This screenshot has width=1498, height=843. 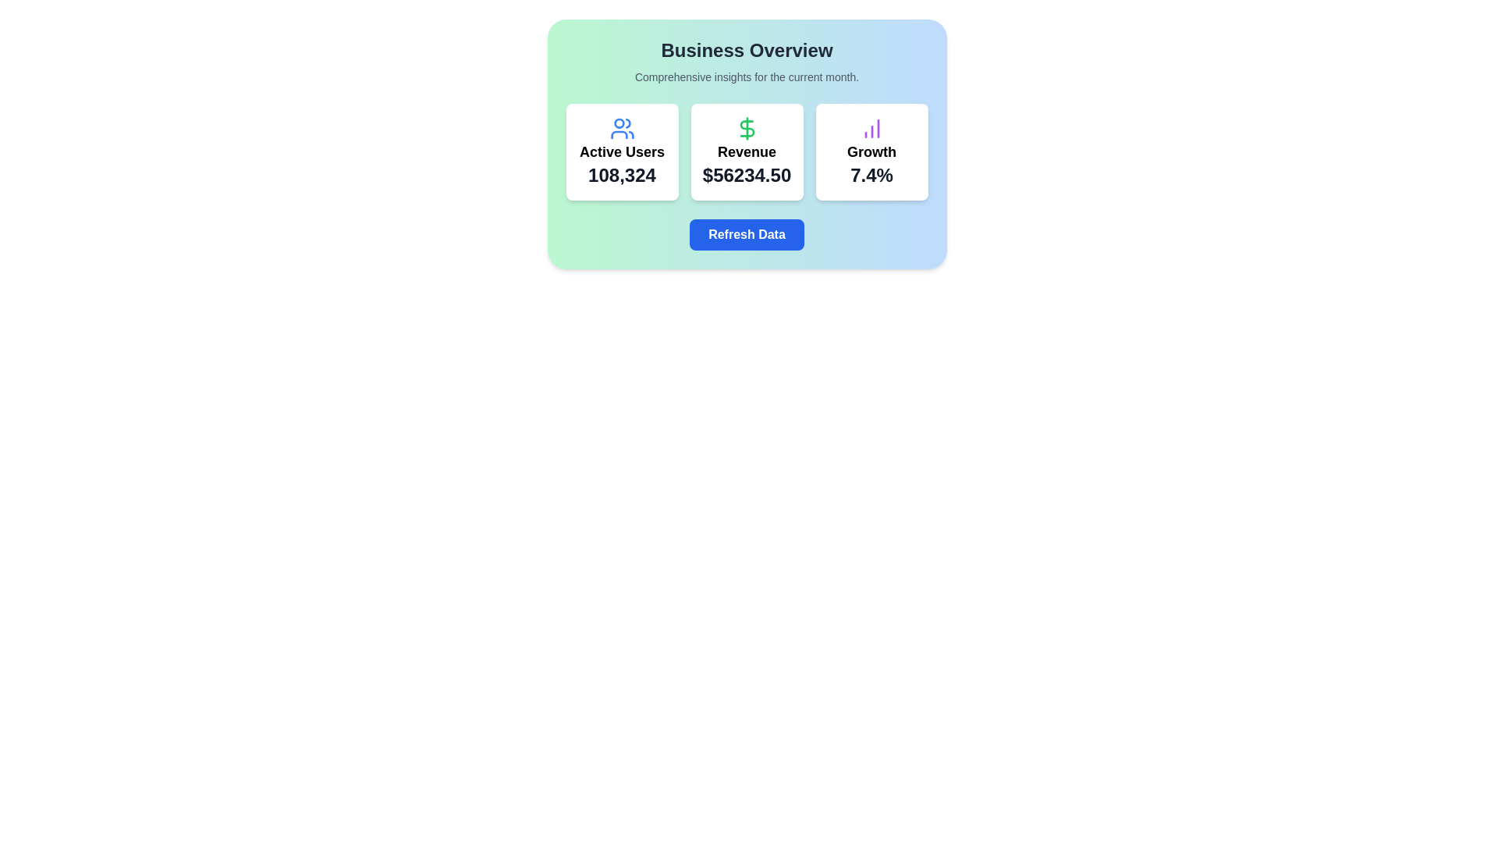 I want to click on the icon at the top of the 'Growth' card, which visually communicates growth statistics and is aligned above the text 'Growth' and the percentage value '7.4%, so click(x=871, y=128).